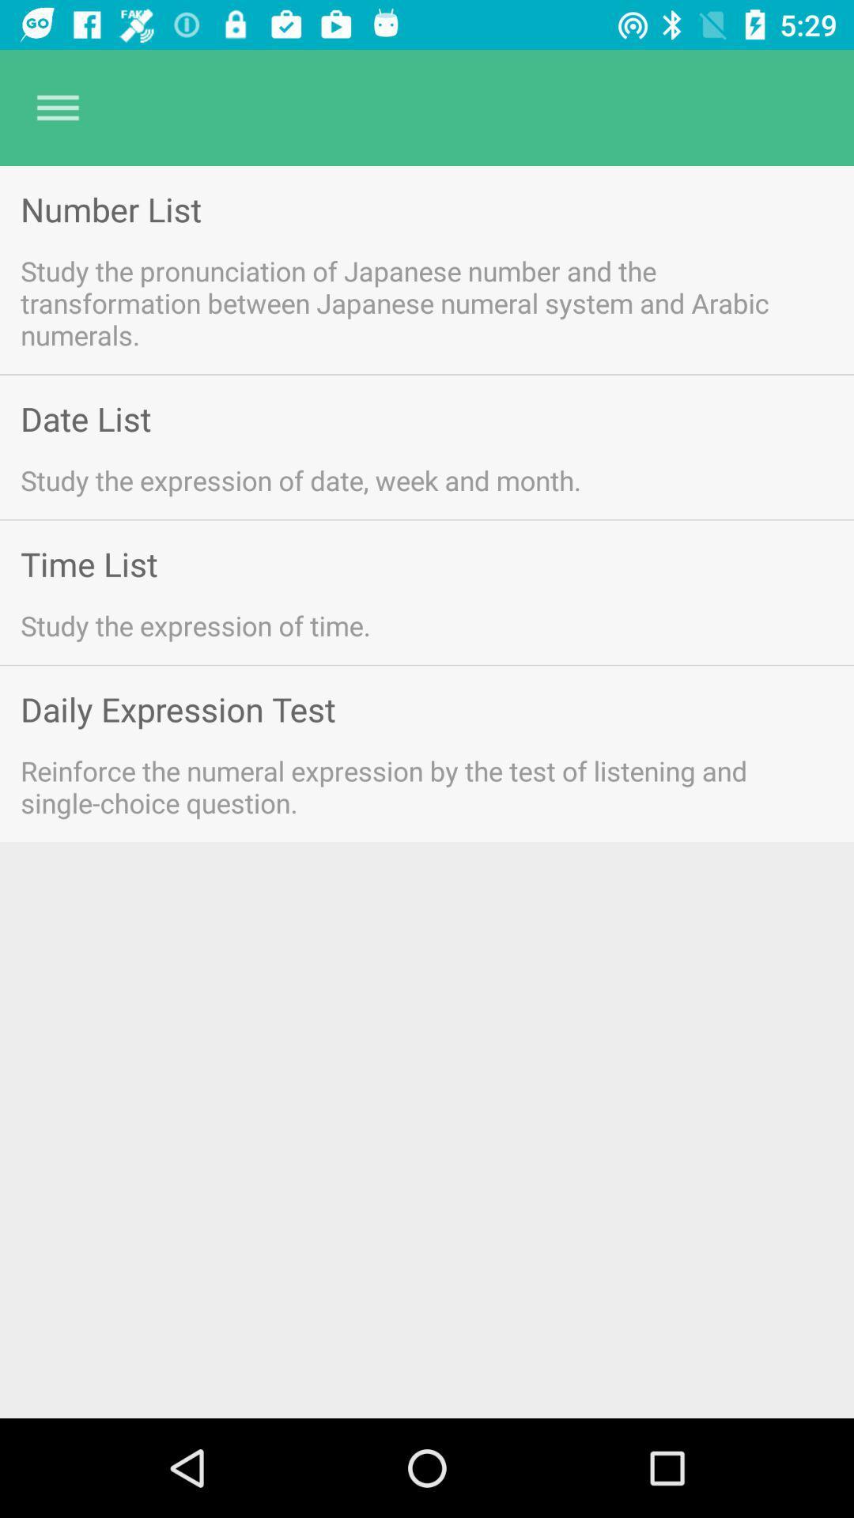  Describe the element at coordinates (89, 564) in the screenshot. I see `time list item` at that location.